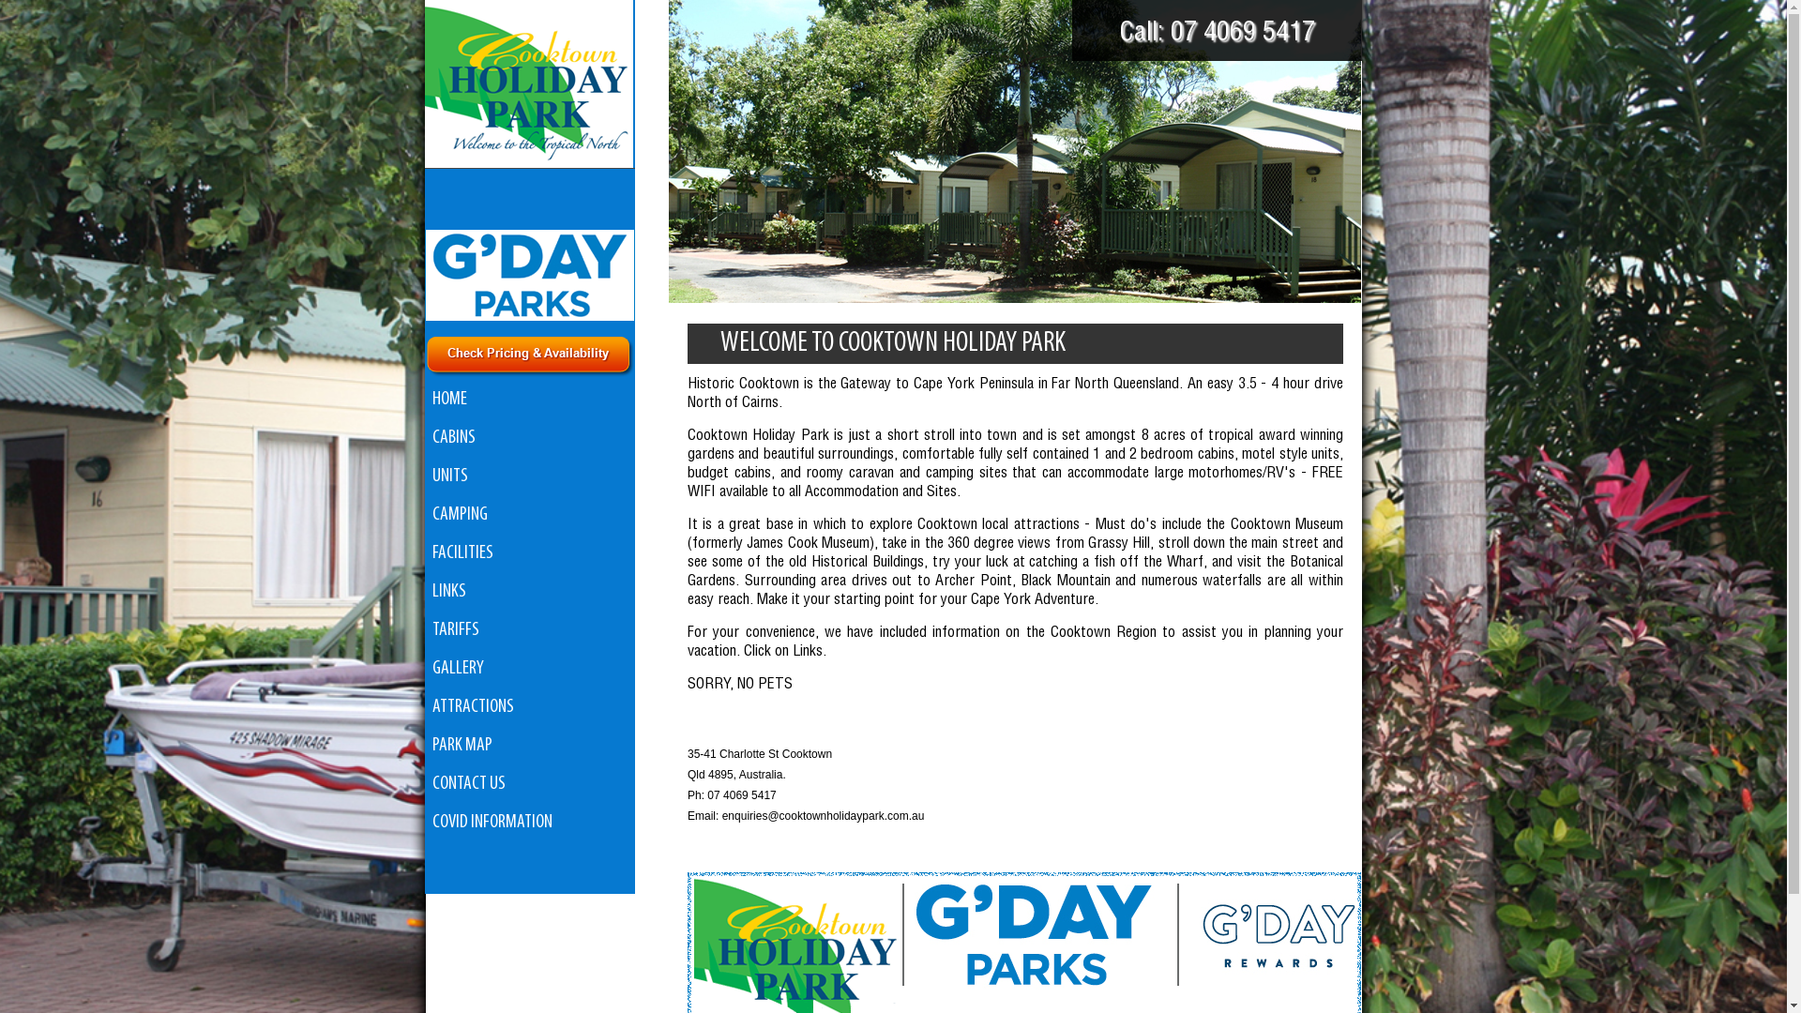 This screenshot has width=1801, height=1013. I want to click on 'TARIFFS', so click(529, 630).